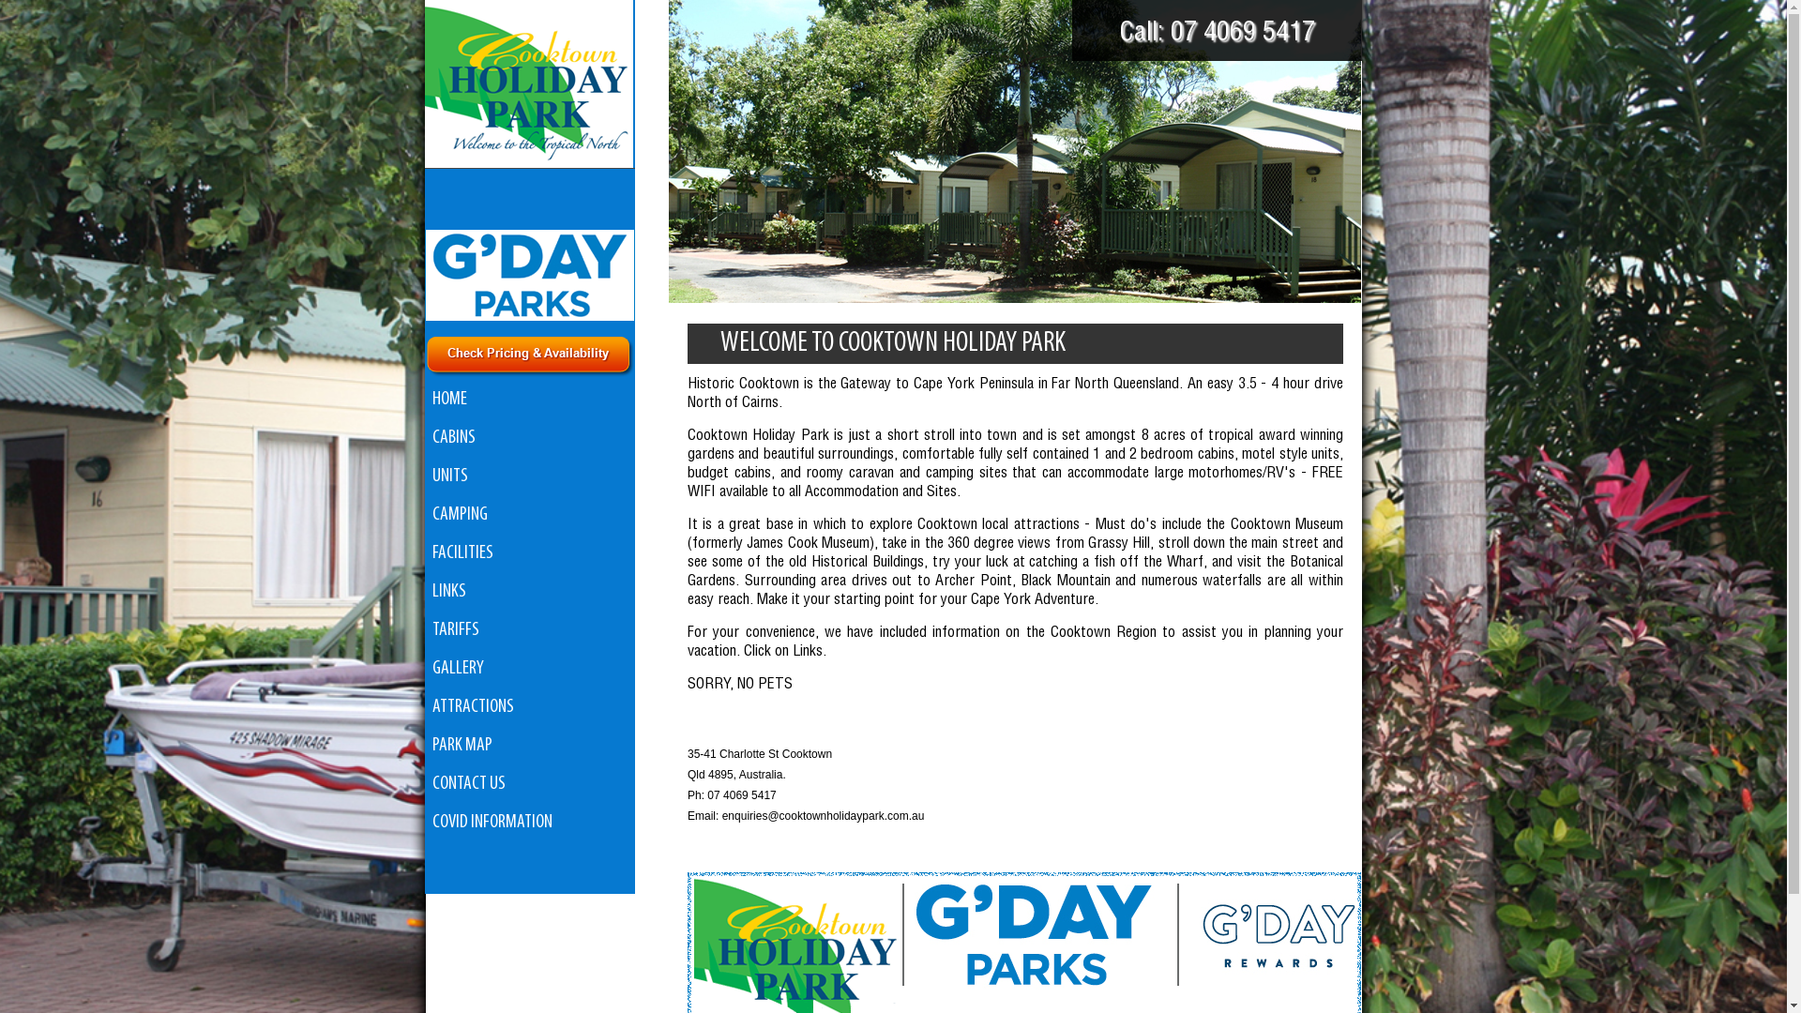 This screenshot has width=1801, height=1013. I want to click on 'TARIFFS', so click(529, 630).